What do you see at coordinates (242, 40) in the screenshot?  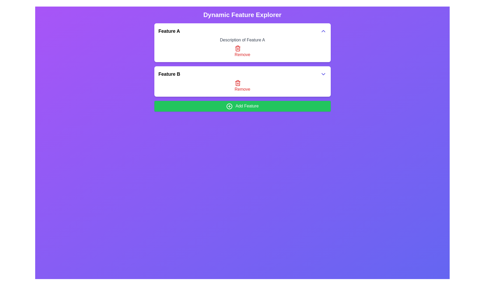 I see `the text label that provides additional details about 'Feature A', located centrally below the header 'Feature A' and above the 'Remove' text` at bounding box center [242, 40].